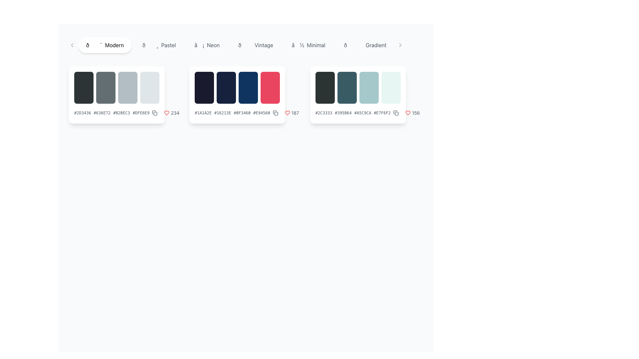 The height and width of the screenshot is (359, 639). What do you see at coordinates (400, 45) in the screenshot?
I see `the rightward arrow icon button, which is a thin, outlined chevron shape in gray, located at the far right of the navigation interface next to the 'Gradient' section label` at bounding box center [400, 45].